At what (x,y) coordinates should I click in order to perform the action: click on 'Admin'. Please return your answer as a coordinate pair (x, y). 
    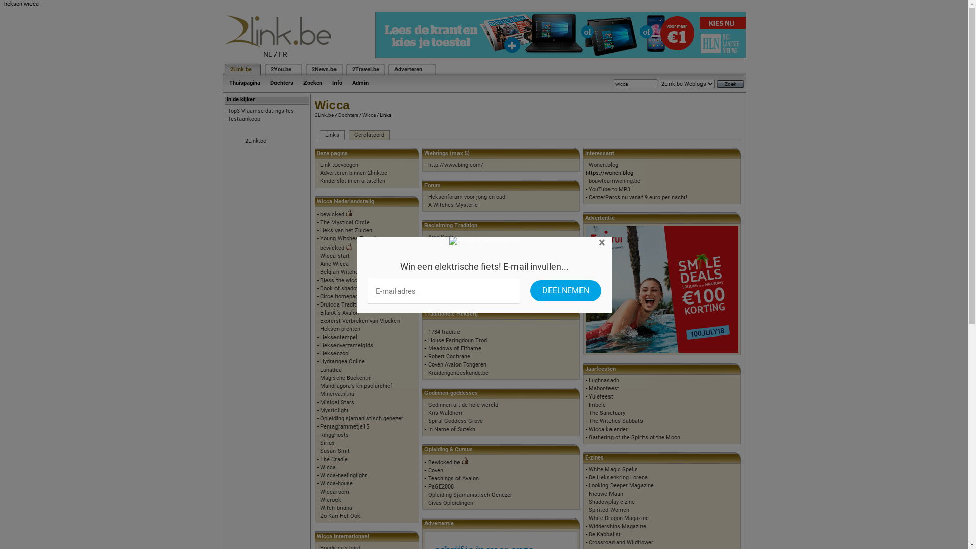
    Looking at the image, I should click on (360, 82).